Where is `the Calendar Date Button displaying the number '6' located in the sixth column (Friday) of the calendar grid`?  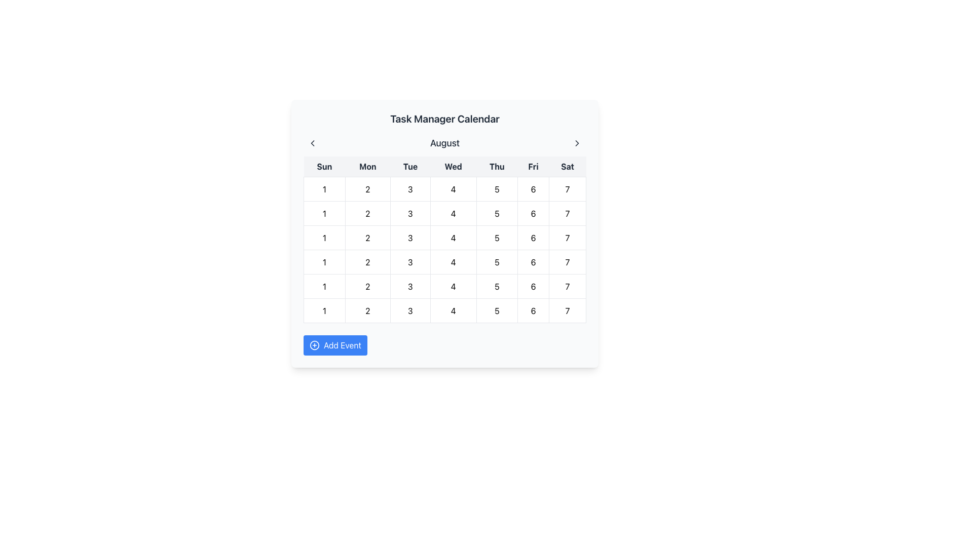
the Calendar Date Button displaying the number '6' located in the sixth column (Friday) of the calendar grid is located at coordinates (533, 238).